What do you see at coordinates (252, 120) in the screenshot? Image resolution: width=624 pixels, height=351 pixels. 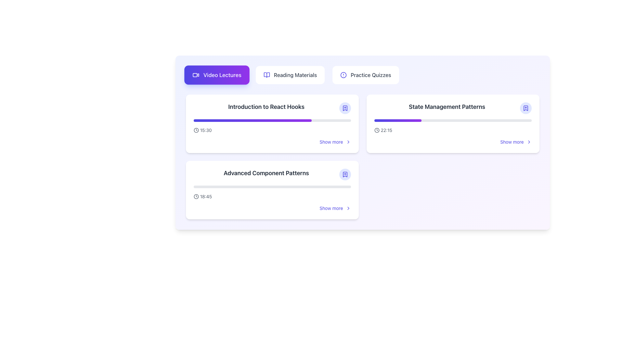 I see `the colored progress bar with a gradient background representing 75% completion, located within the 'Introduction to React Hooks' card` at bounding box center [252, 120].